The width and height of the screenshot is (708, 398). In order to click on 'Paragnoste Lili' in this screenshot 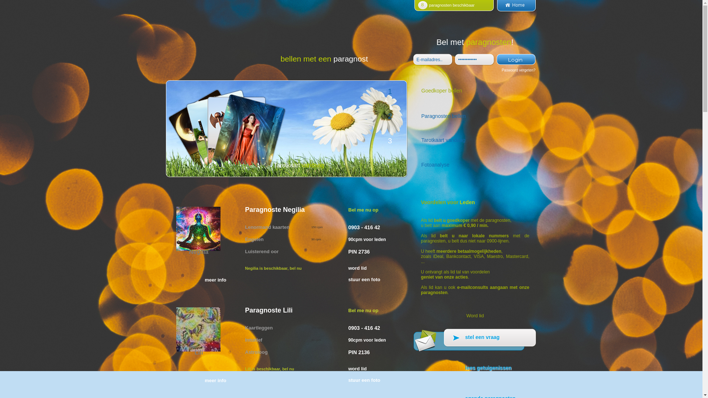, I will do `click(296, 310)`.